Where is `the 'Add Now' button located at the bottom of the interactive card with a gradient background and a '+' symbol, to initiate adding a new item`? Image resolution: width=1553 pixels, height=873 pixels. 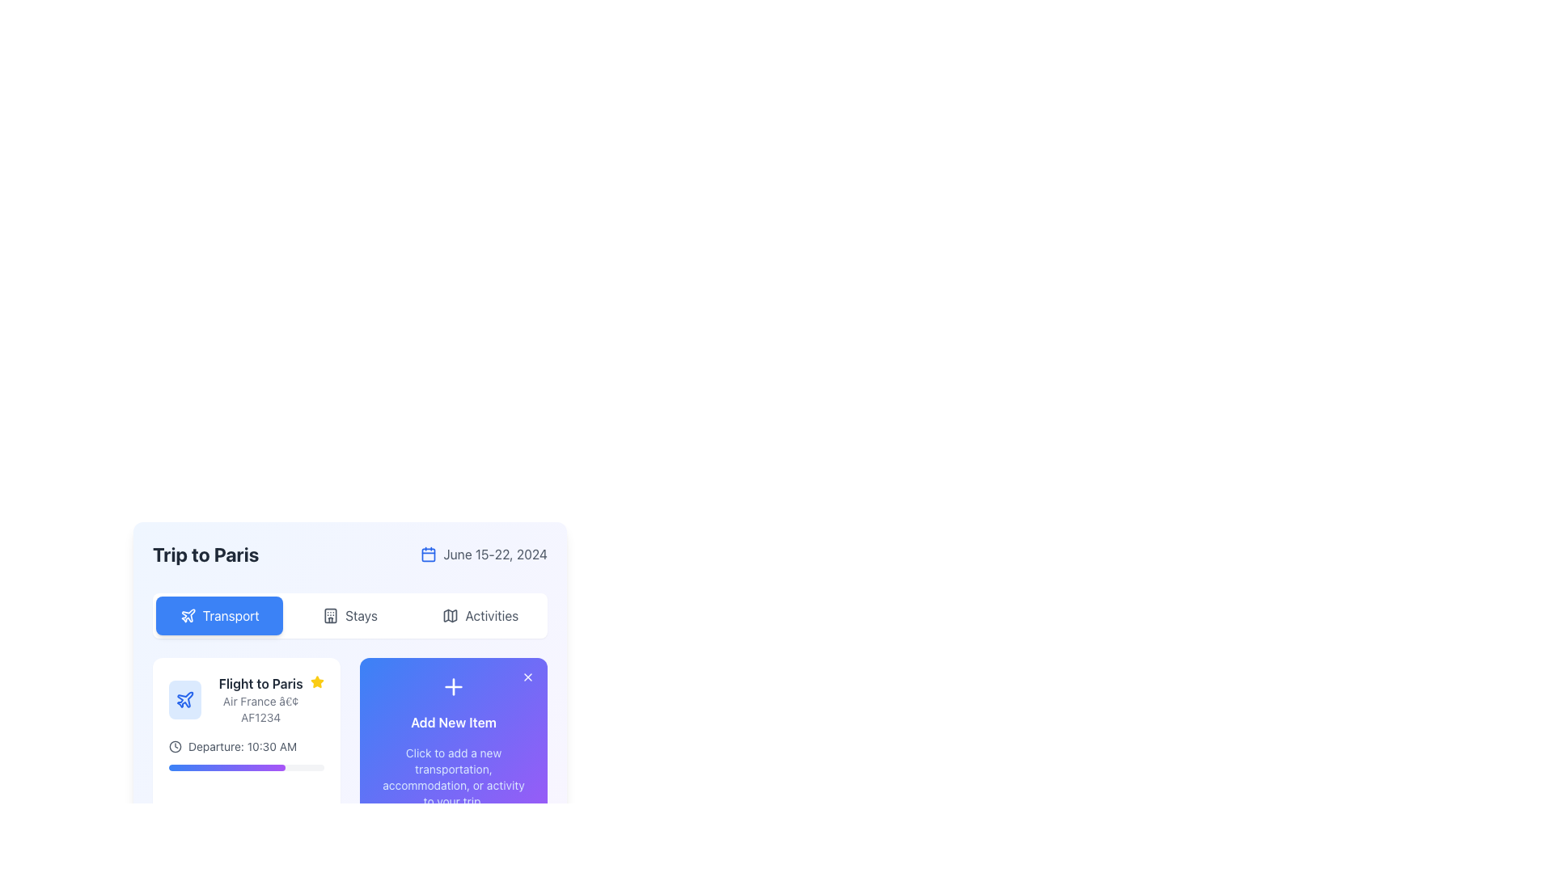
the 'Add Now' button located at the bottom of the interactive card with a gradient background and a '+' symbol, to initiate adding a new item is located at coordinates (453, 764).